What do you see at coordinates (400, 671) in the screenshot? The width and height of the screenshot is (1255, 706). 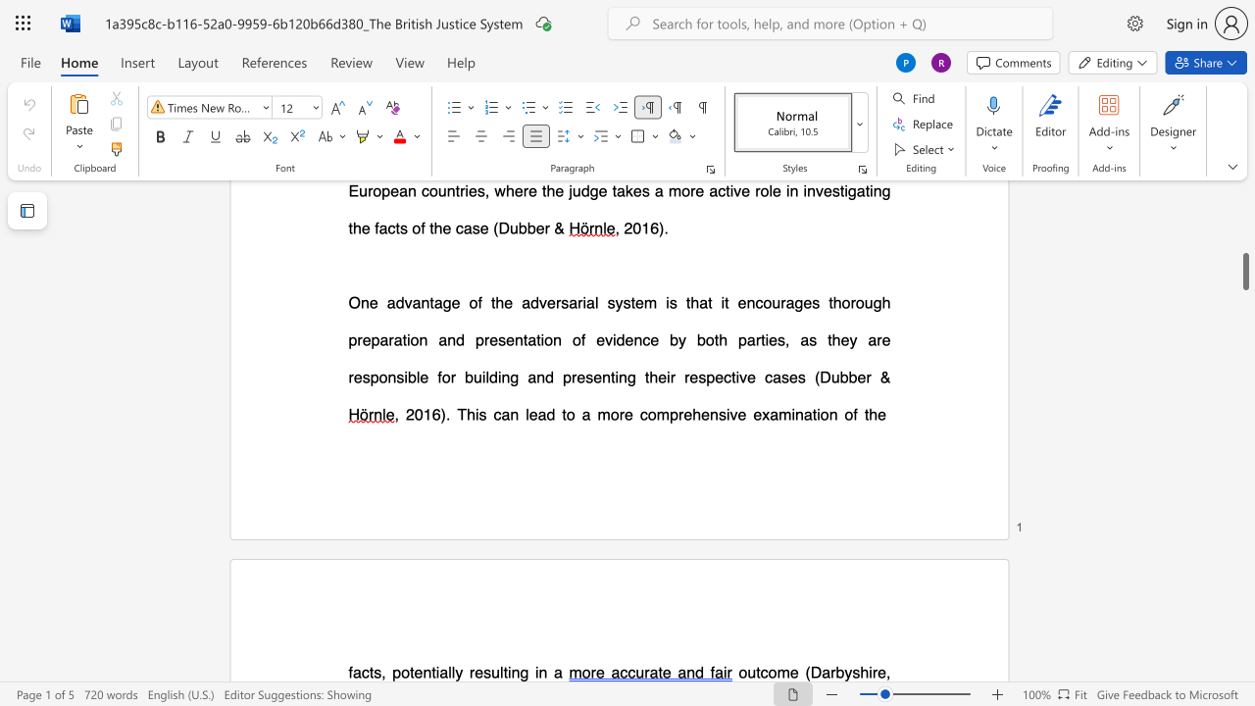 I see `the space between the continuous character "p" and "o" in the text` at bounding box center [400, 671].